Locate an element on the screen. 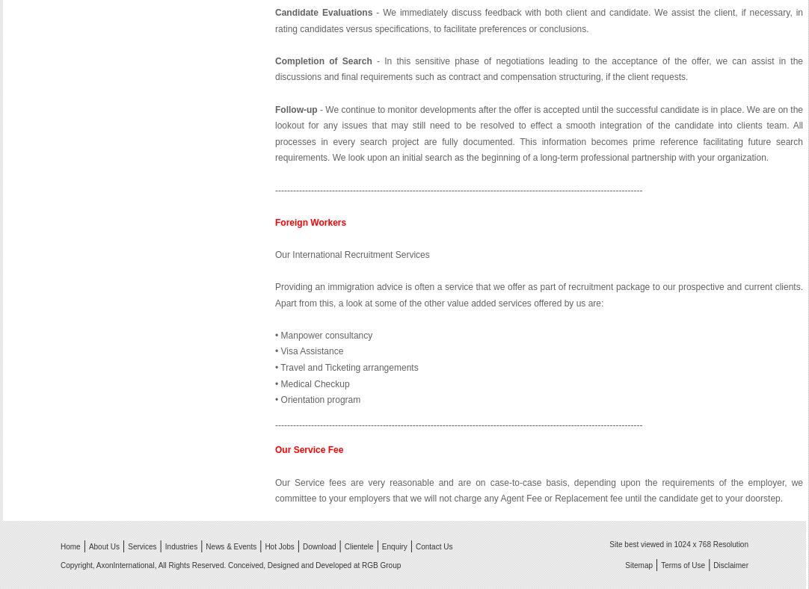 This screenshot has width=809, height=589. 'News & Events' is located at coordinates (230, 546).